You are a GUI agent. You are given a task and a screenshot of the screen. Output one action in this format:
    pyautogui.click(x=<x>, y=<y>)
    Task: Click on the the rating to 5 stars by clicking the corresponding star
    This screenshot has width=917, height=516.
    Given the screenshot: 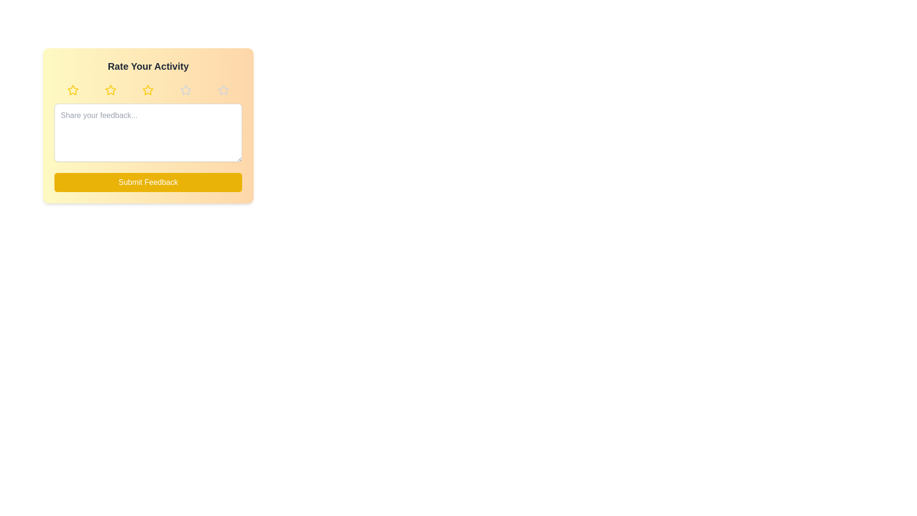 What is the action you would take?
    pyautogui.click(x=223, y=90)
    